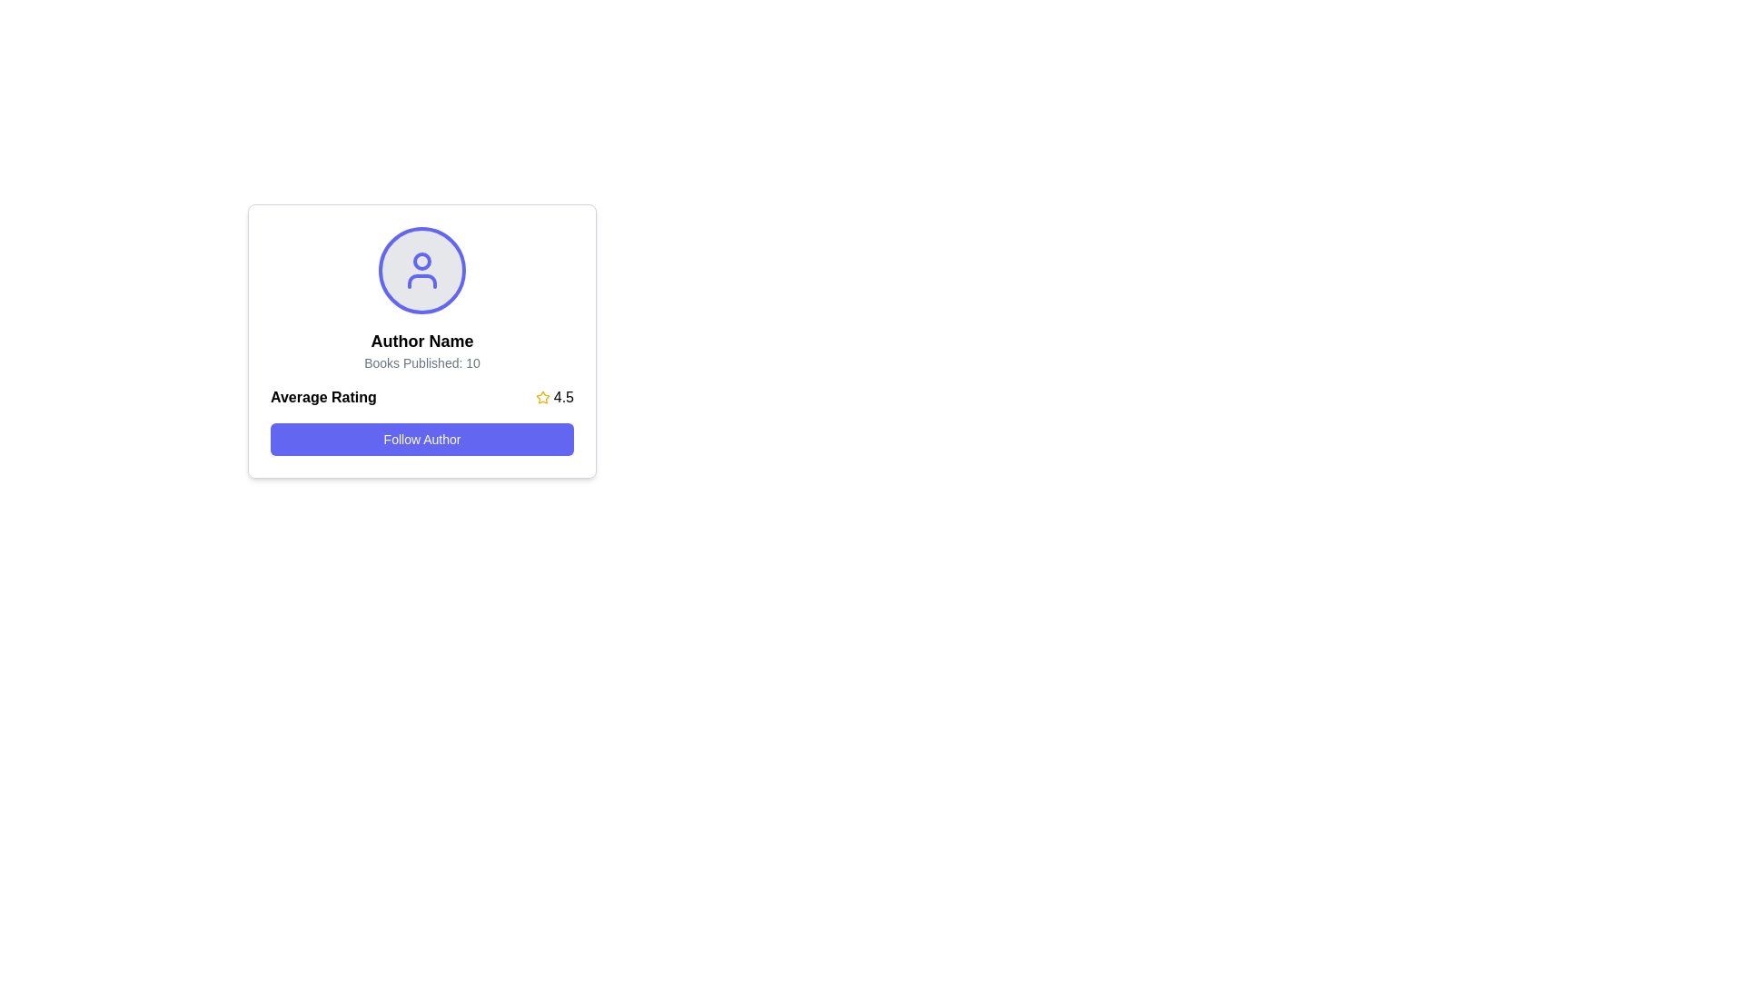 This screenshot has height=981, width=1744. What do you see at coordinates (323, 397) in the screenshot?
I see `'Average Rating' label located at the bottom left of the card layout, which is displayed in bold font and precedes the star icon and rating value` at bounding box center [323, 397].